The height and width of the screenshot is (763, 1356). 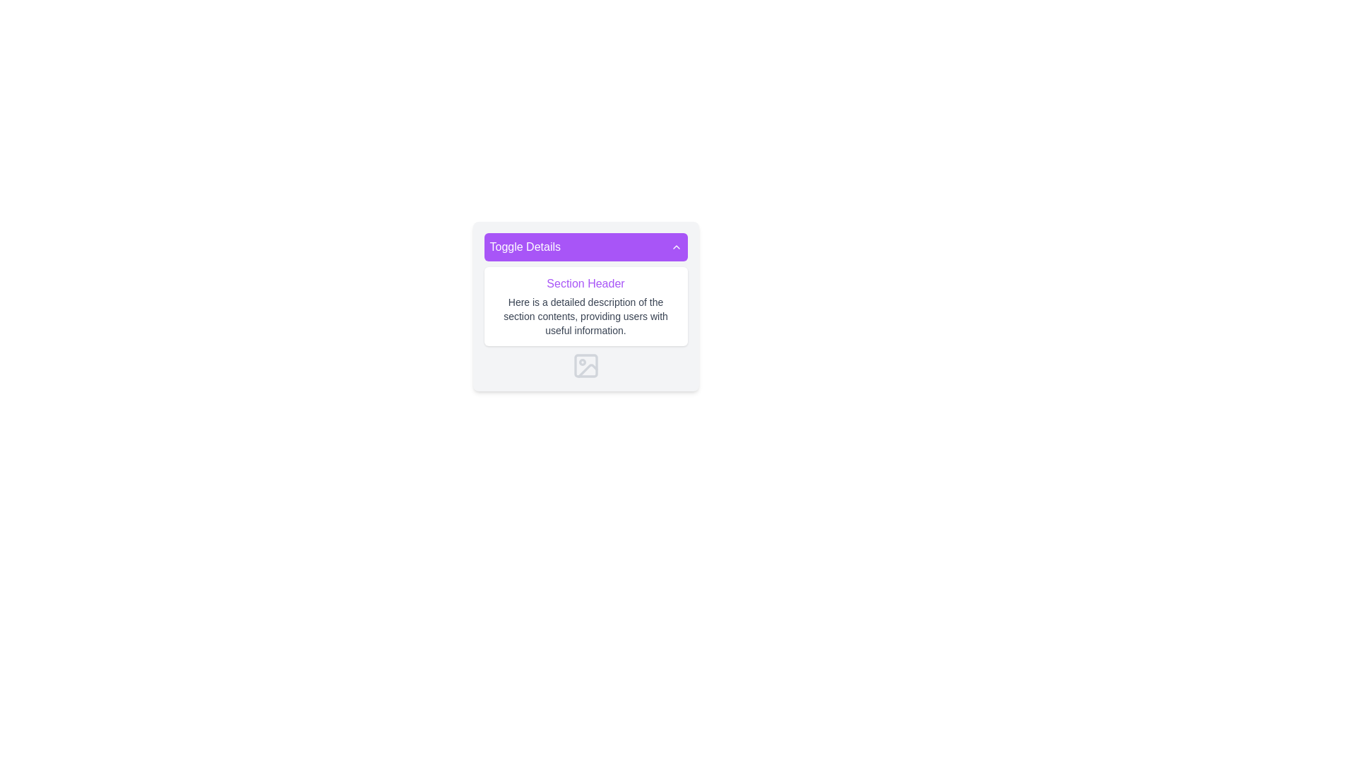 What do you see at coordinates (585, 324) in the screenshot?
I see `the text block containing the heading 'Section Header' and the descriptive paragraph, which is visually organized and centered beneath the 'Toggle Details' button` at bounding box center [585, 324].